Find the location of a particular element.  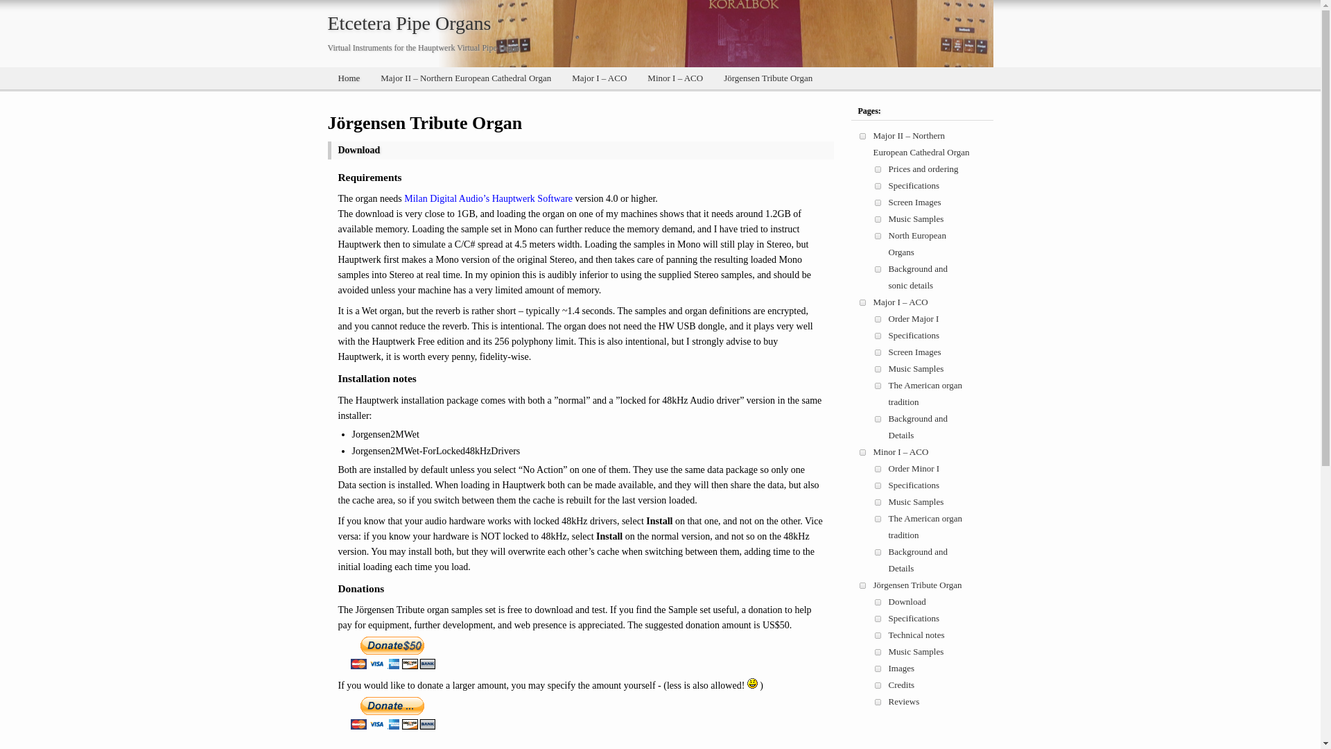

'Home' is located at coordinates (349, 78).